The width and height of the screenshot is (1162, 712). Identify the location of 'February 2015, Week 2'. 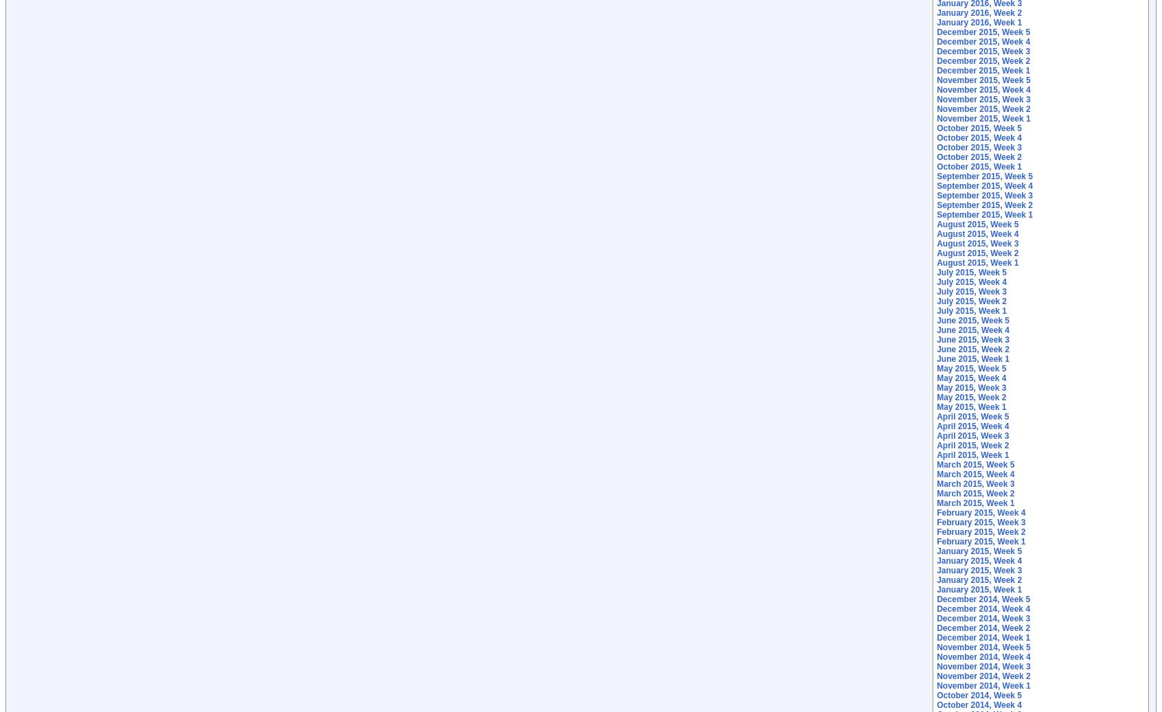
(980, 531).